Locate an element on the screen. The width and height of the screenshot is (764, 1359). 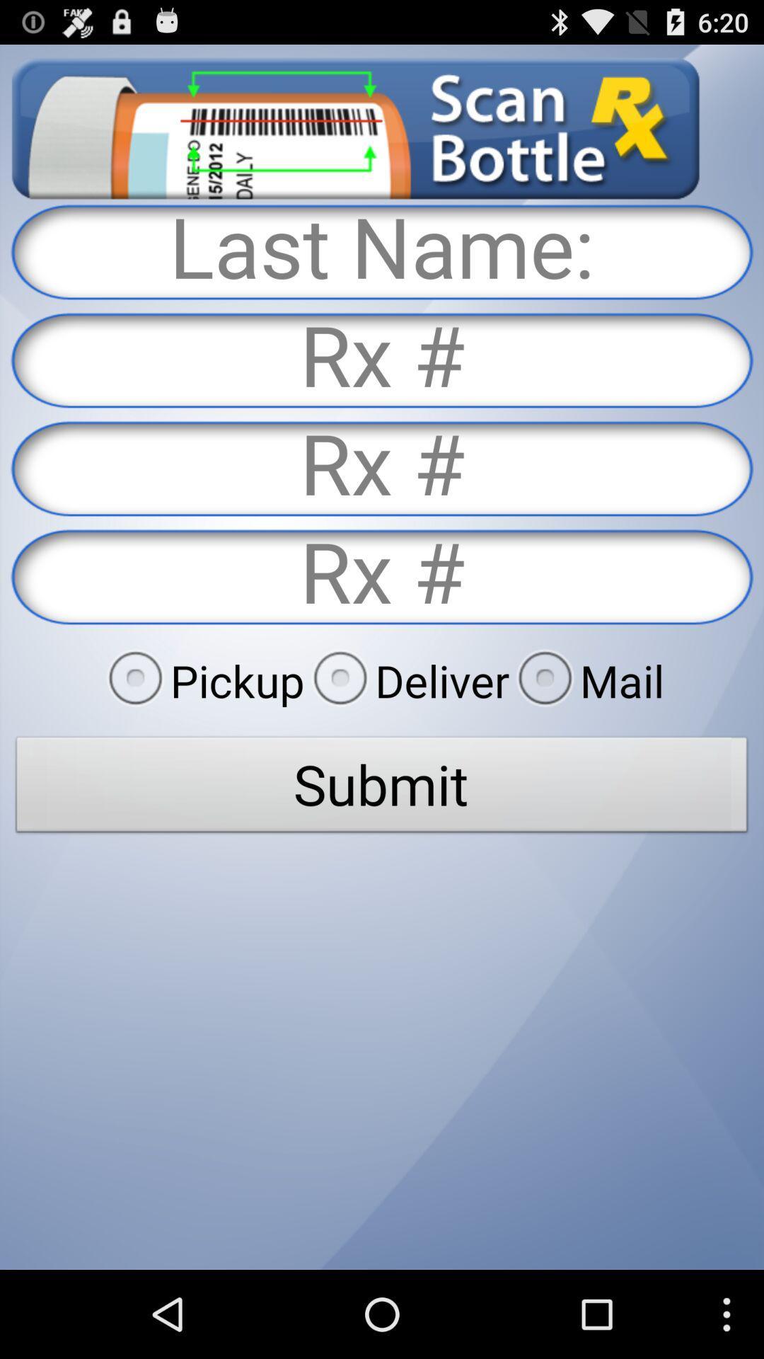
the radio button next to the deliver is located at coordinates (202, 680).